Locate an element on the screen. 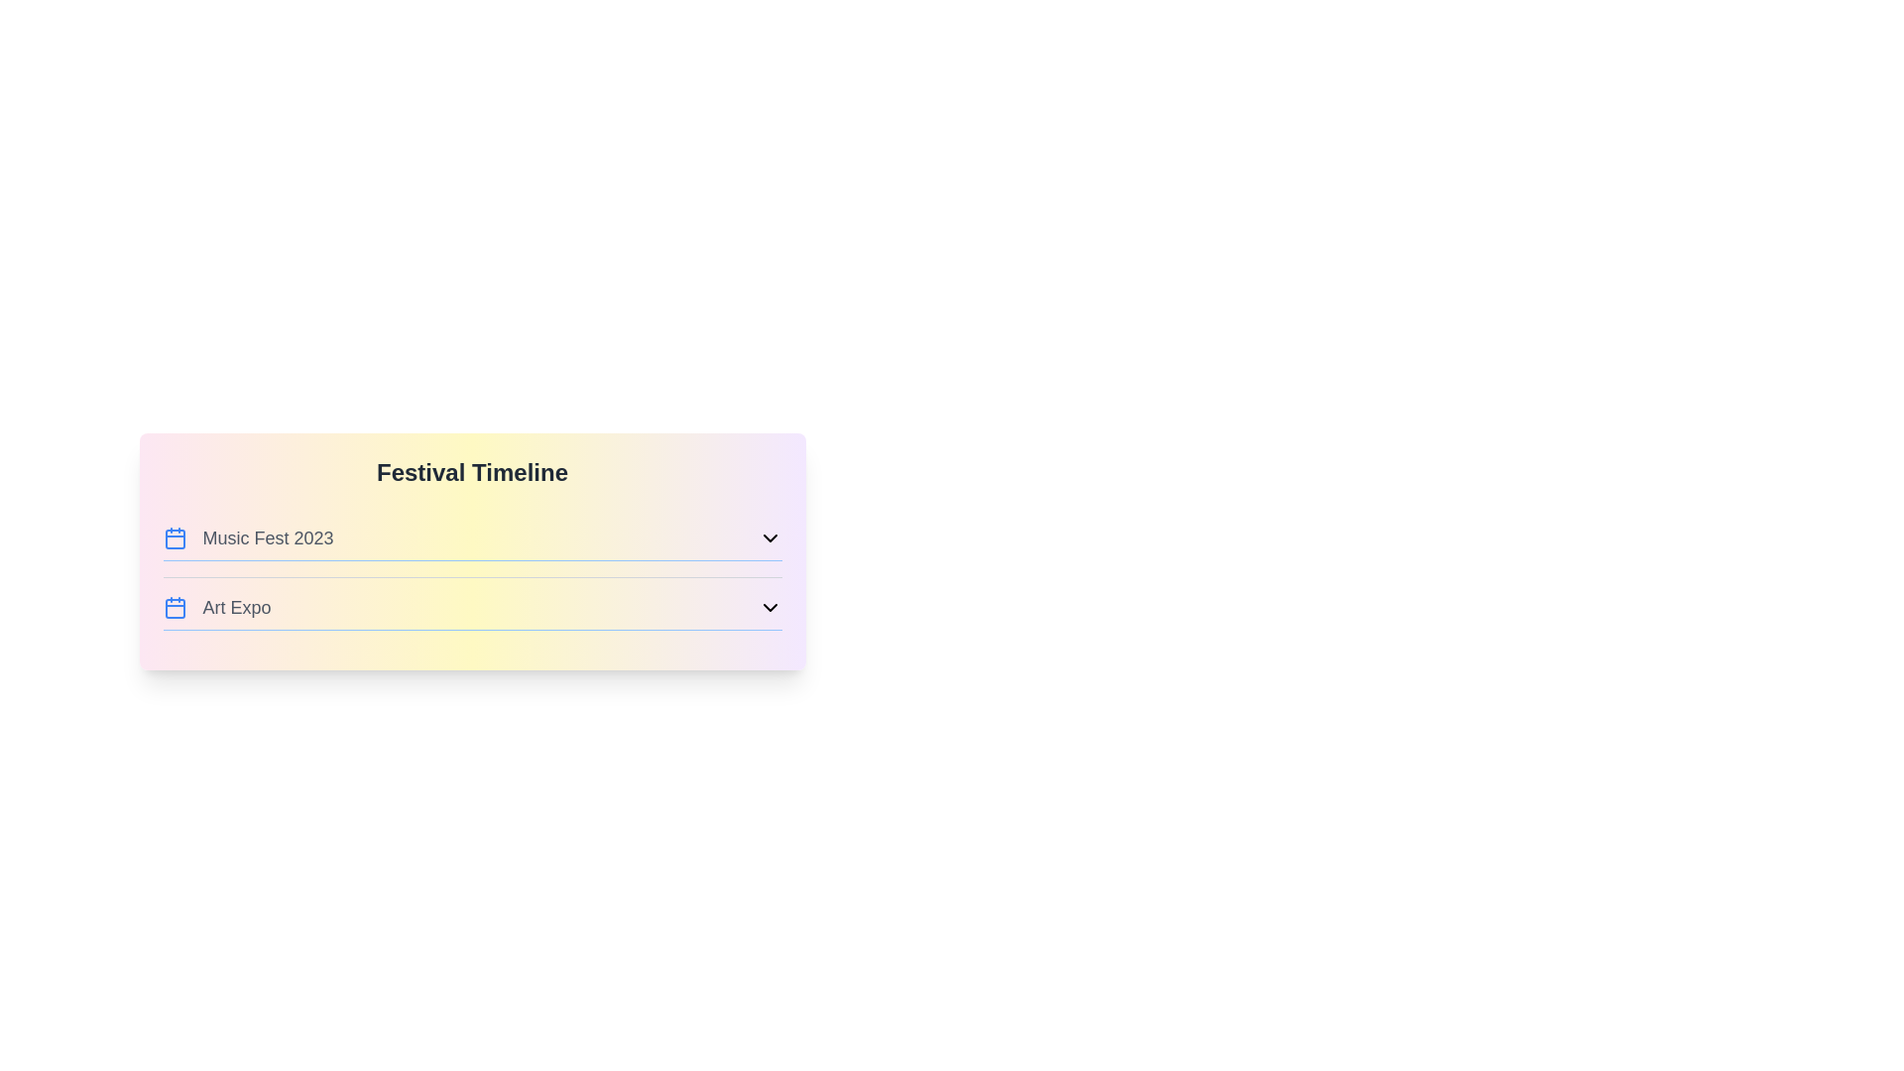 Image resolution: width=1904 pixels, height=1071 pixels. the 'Music Fest 2023' dropdown to expand its details is located at coordinates (471, 542).